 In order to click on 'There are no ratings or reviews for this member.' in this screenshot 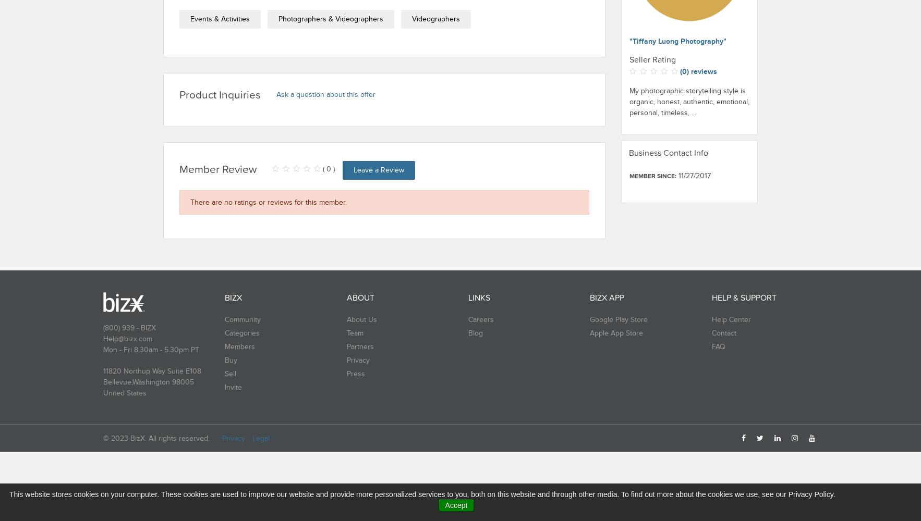, I will do `click(268, 202)`.